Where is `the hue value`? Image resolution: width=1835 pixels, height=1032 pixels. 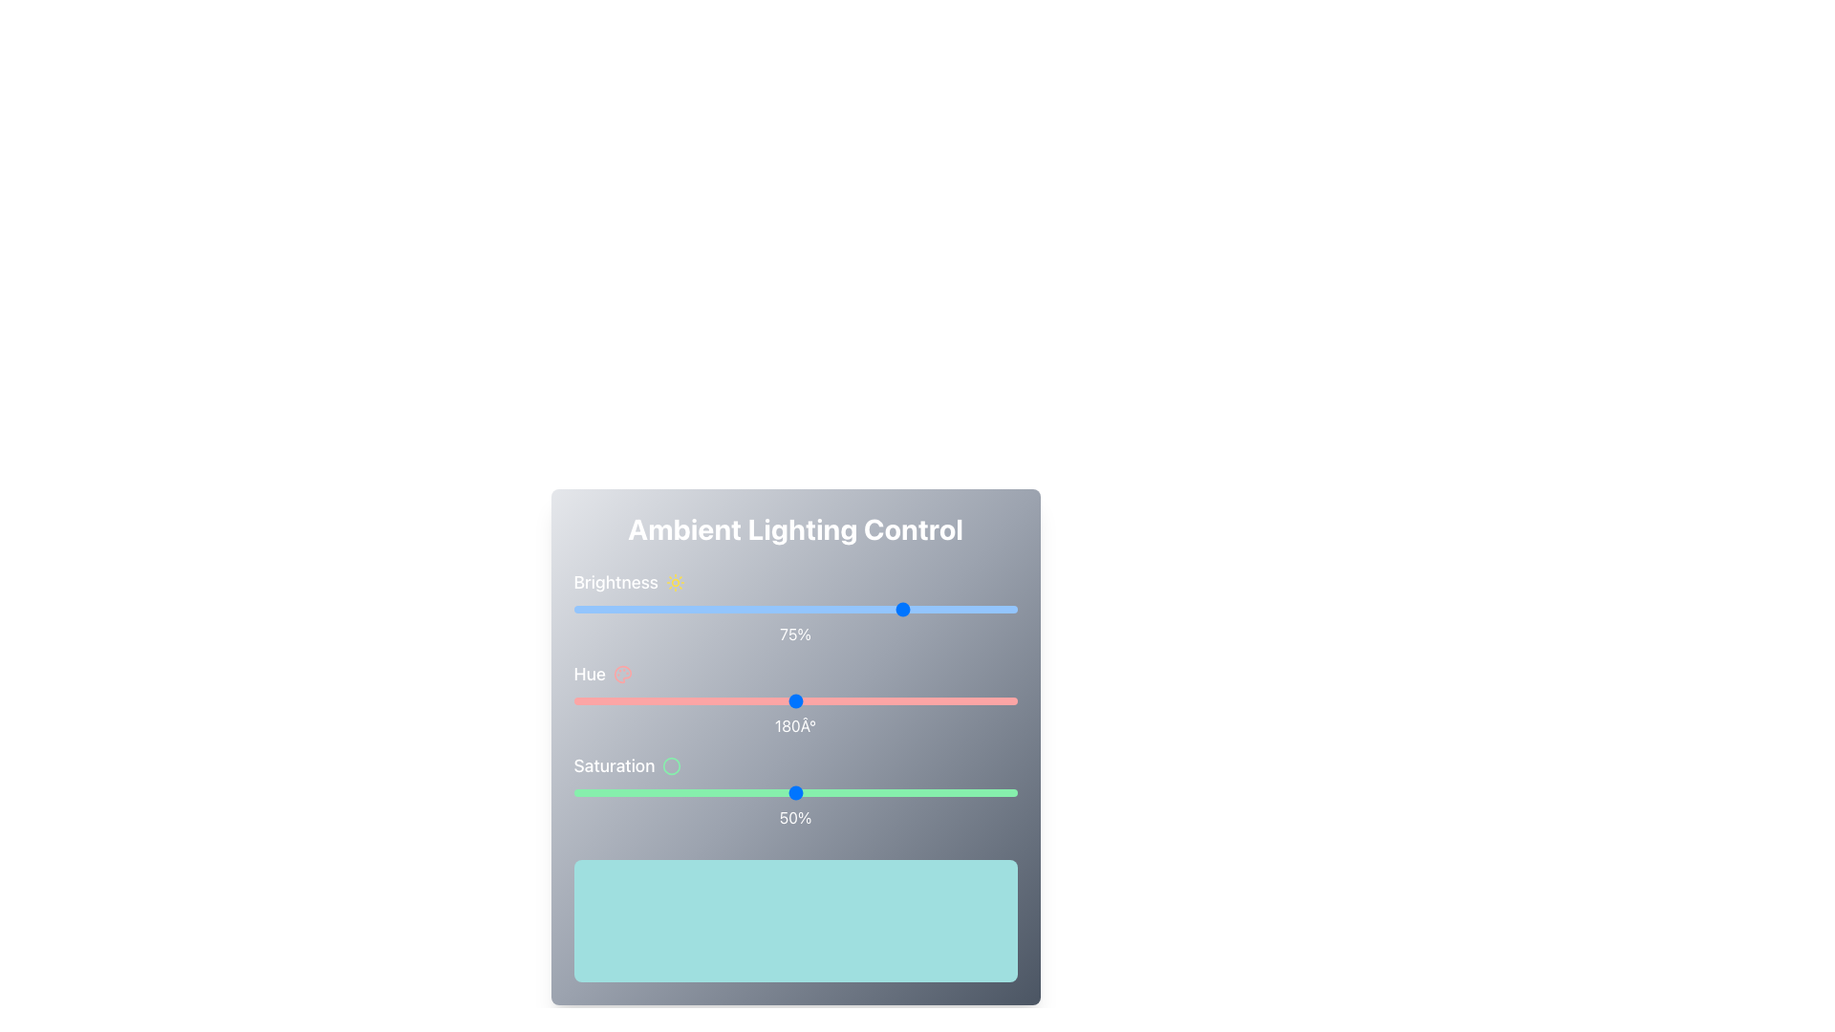 the hue value is located at coordinates (808, 700).